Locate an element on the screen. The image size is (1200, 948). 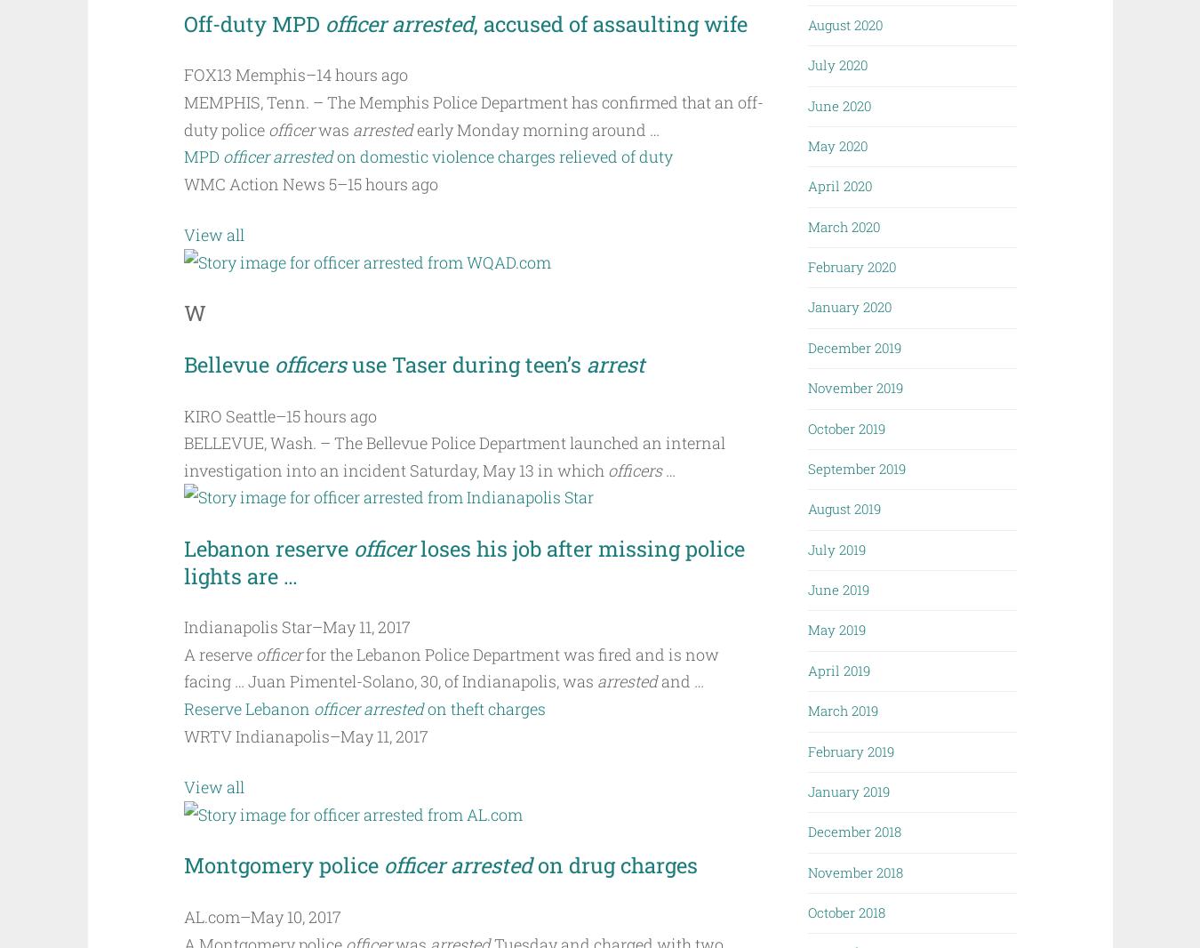
'W' is located at coordinates (183, 312).